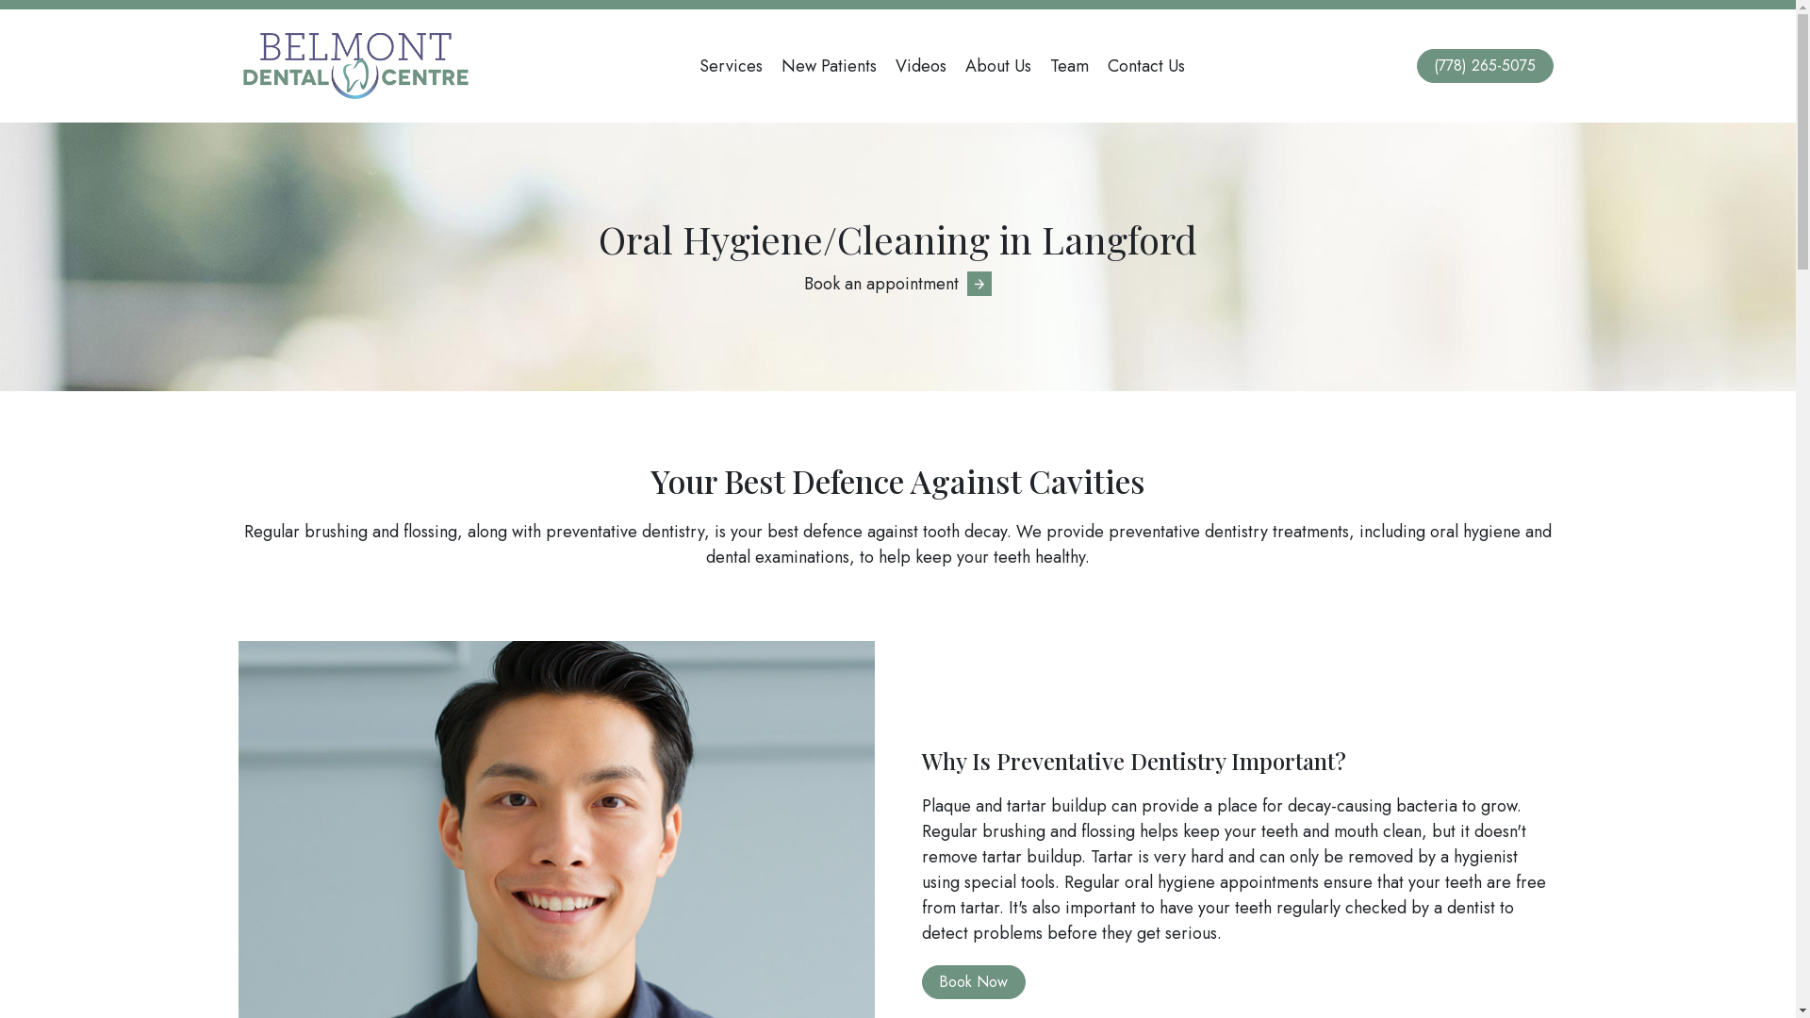  Describe the element at coordinates (973, 980) in the screenshot. I see `'Book Now'` at that location.